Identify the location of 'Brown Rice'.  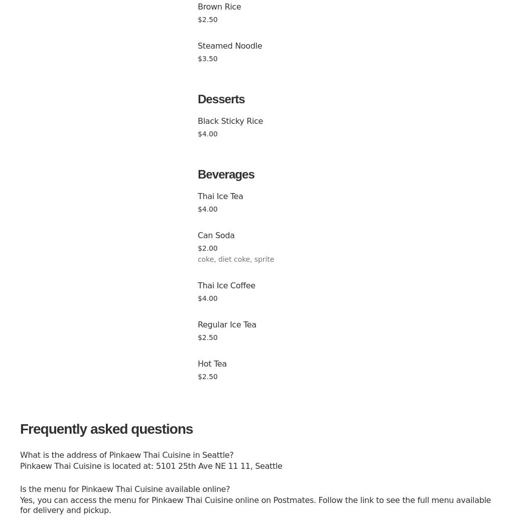
(197, 6).